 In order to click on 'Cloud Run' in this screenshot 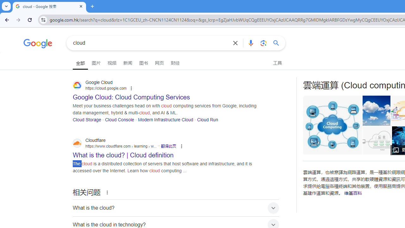, I will do `click(208, 119)`.